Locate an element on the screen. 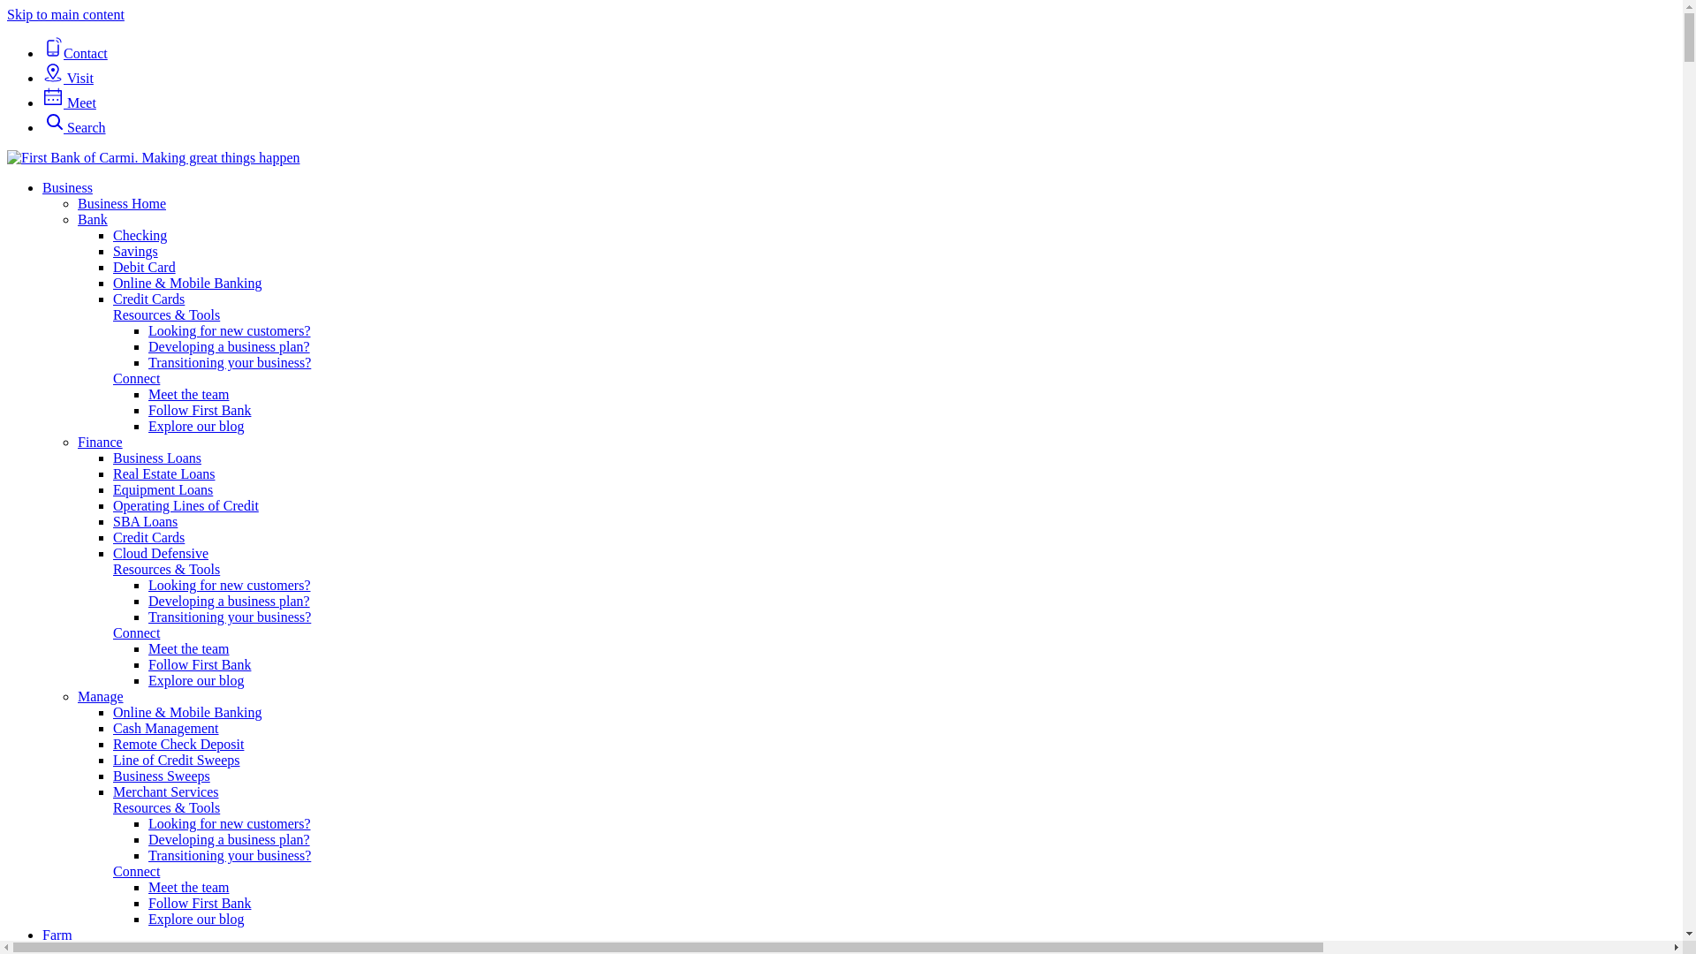 This screenshot has width=1696, height=954. 'Follow First Bank' is located at coordinates (199, 903).